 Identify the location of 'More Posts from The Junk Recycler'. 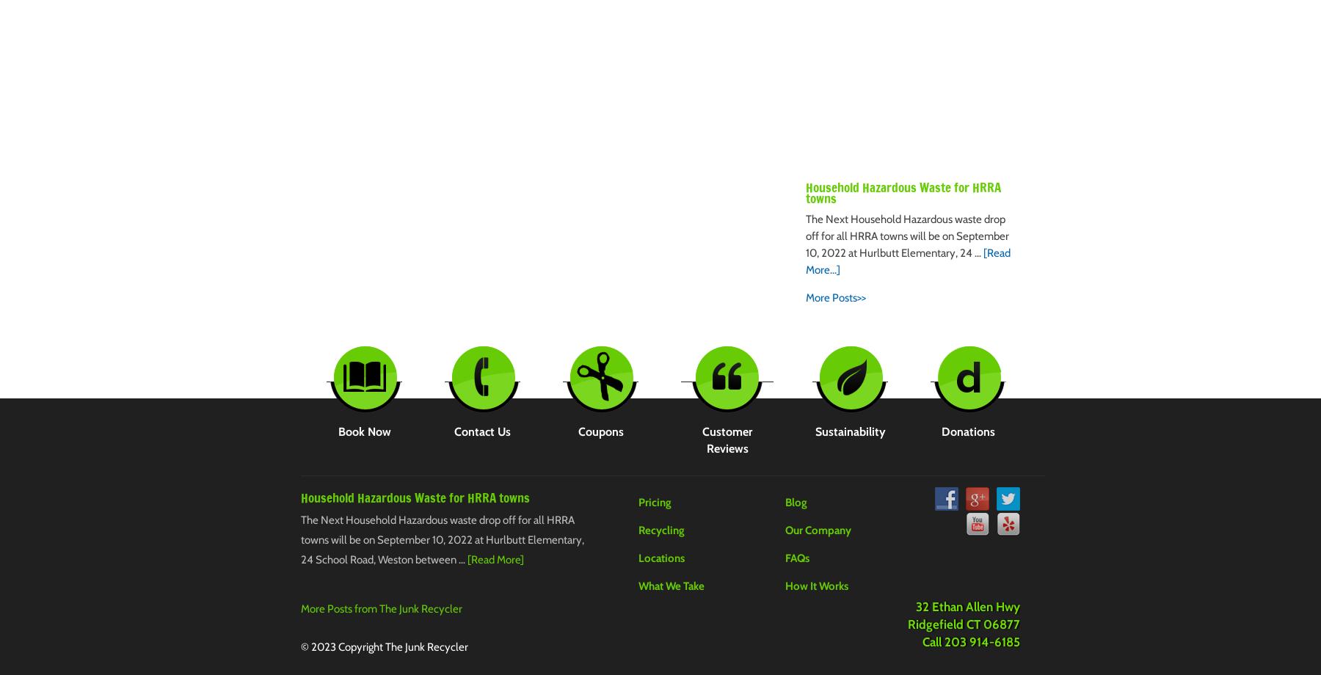
(301, 608).